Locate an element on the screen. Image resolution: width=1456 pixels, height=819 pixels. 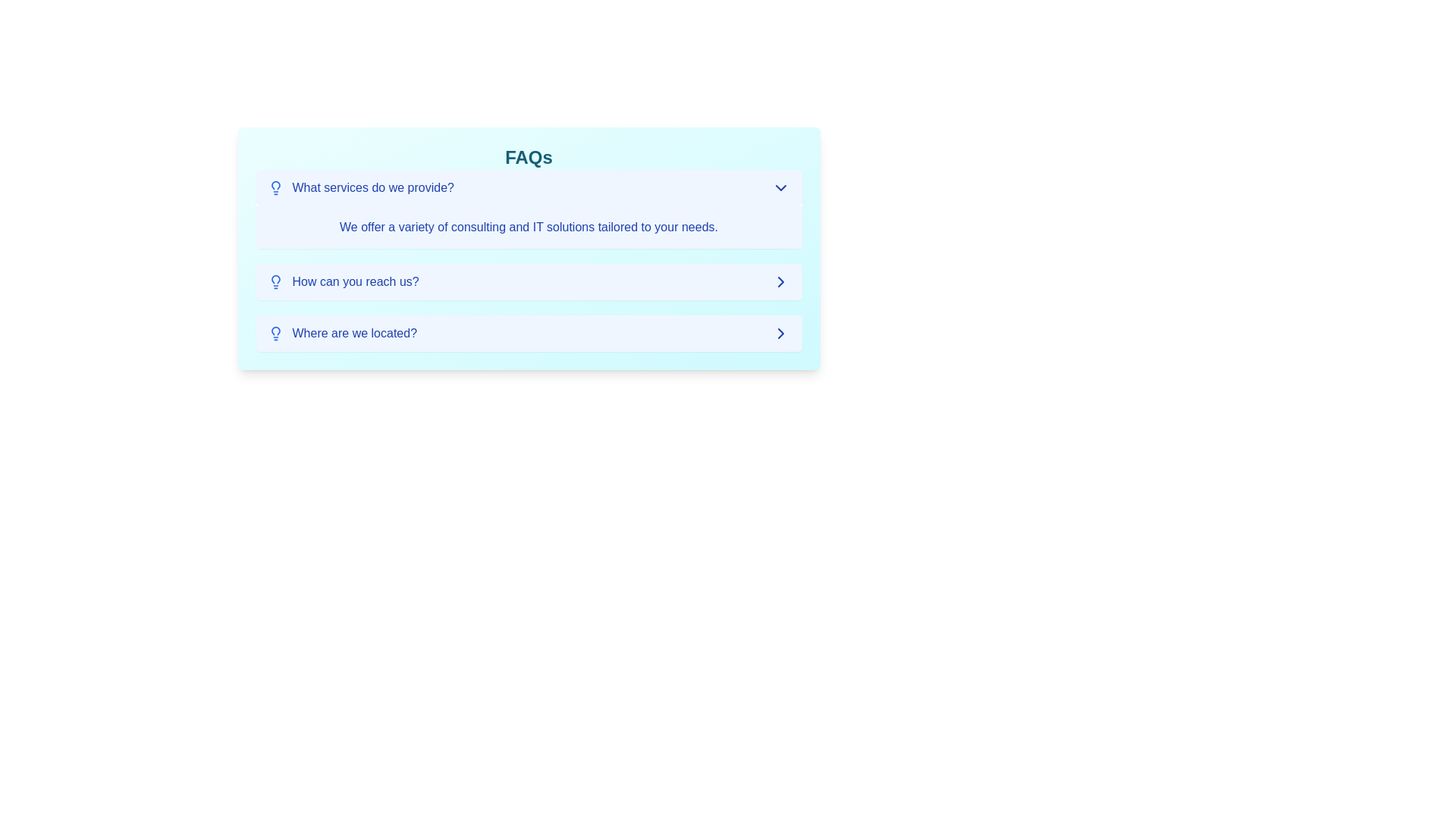
the icon located on the left side of the text 'Where are we located?' in the third row of the FAQs section, which serves as a decorative marker is located at coordinates (275, 332).